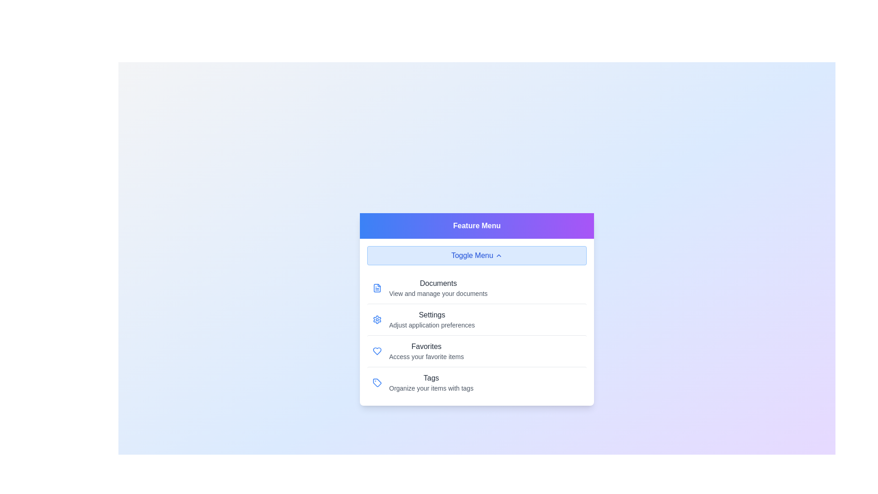  Describe the element at coordinates (438, 287) in the screenshot. I see `the text element labeled 'Documents' to select it` at that location.